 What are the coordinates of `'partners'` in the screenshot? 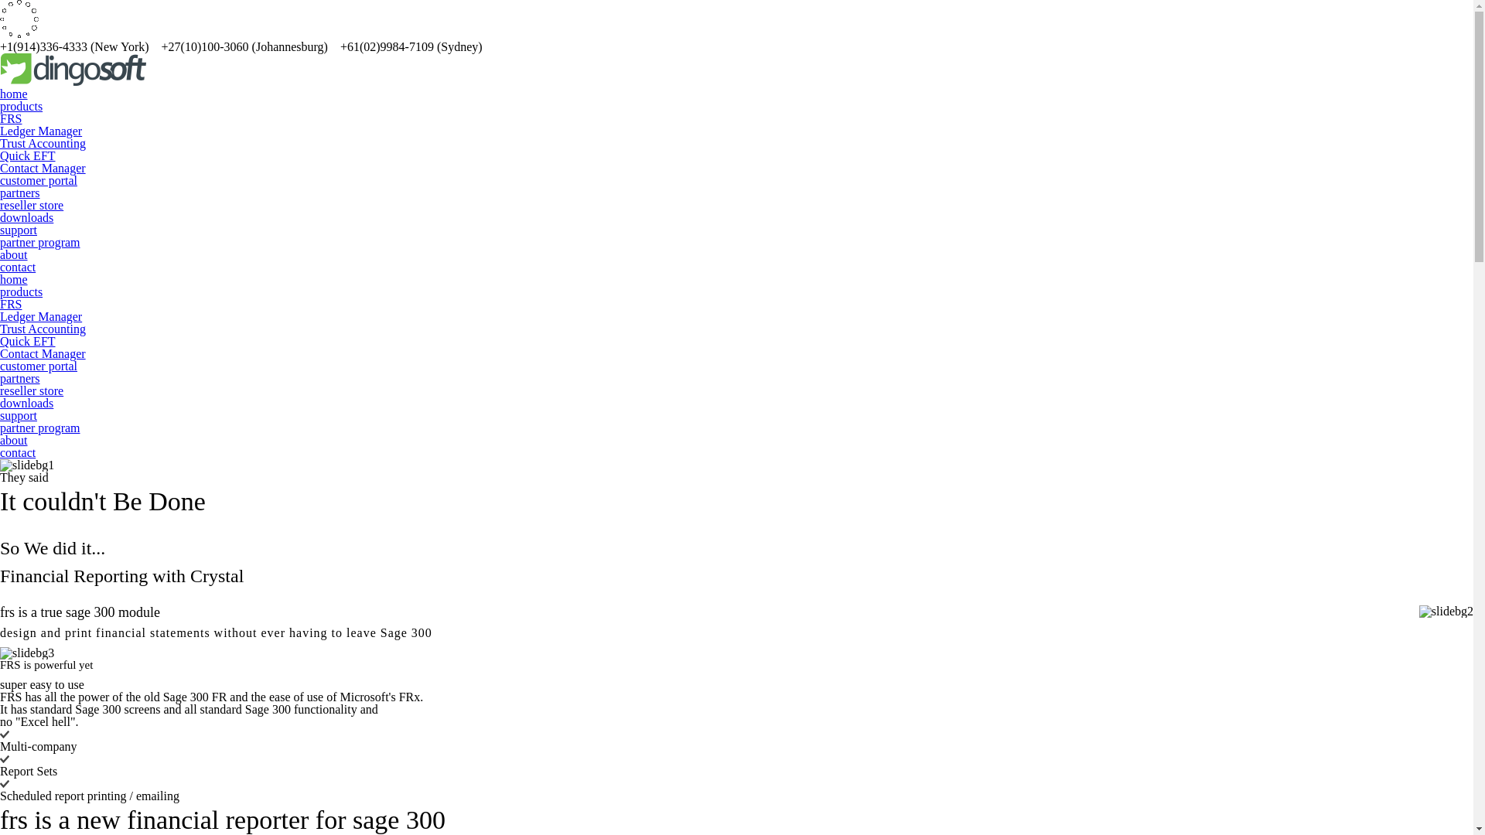 It's located at (19, 378).